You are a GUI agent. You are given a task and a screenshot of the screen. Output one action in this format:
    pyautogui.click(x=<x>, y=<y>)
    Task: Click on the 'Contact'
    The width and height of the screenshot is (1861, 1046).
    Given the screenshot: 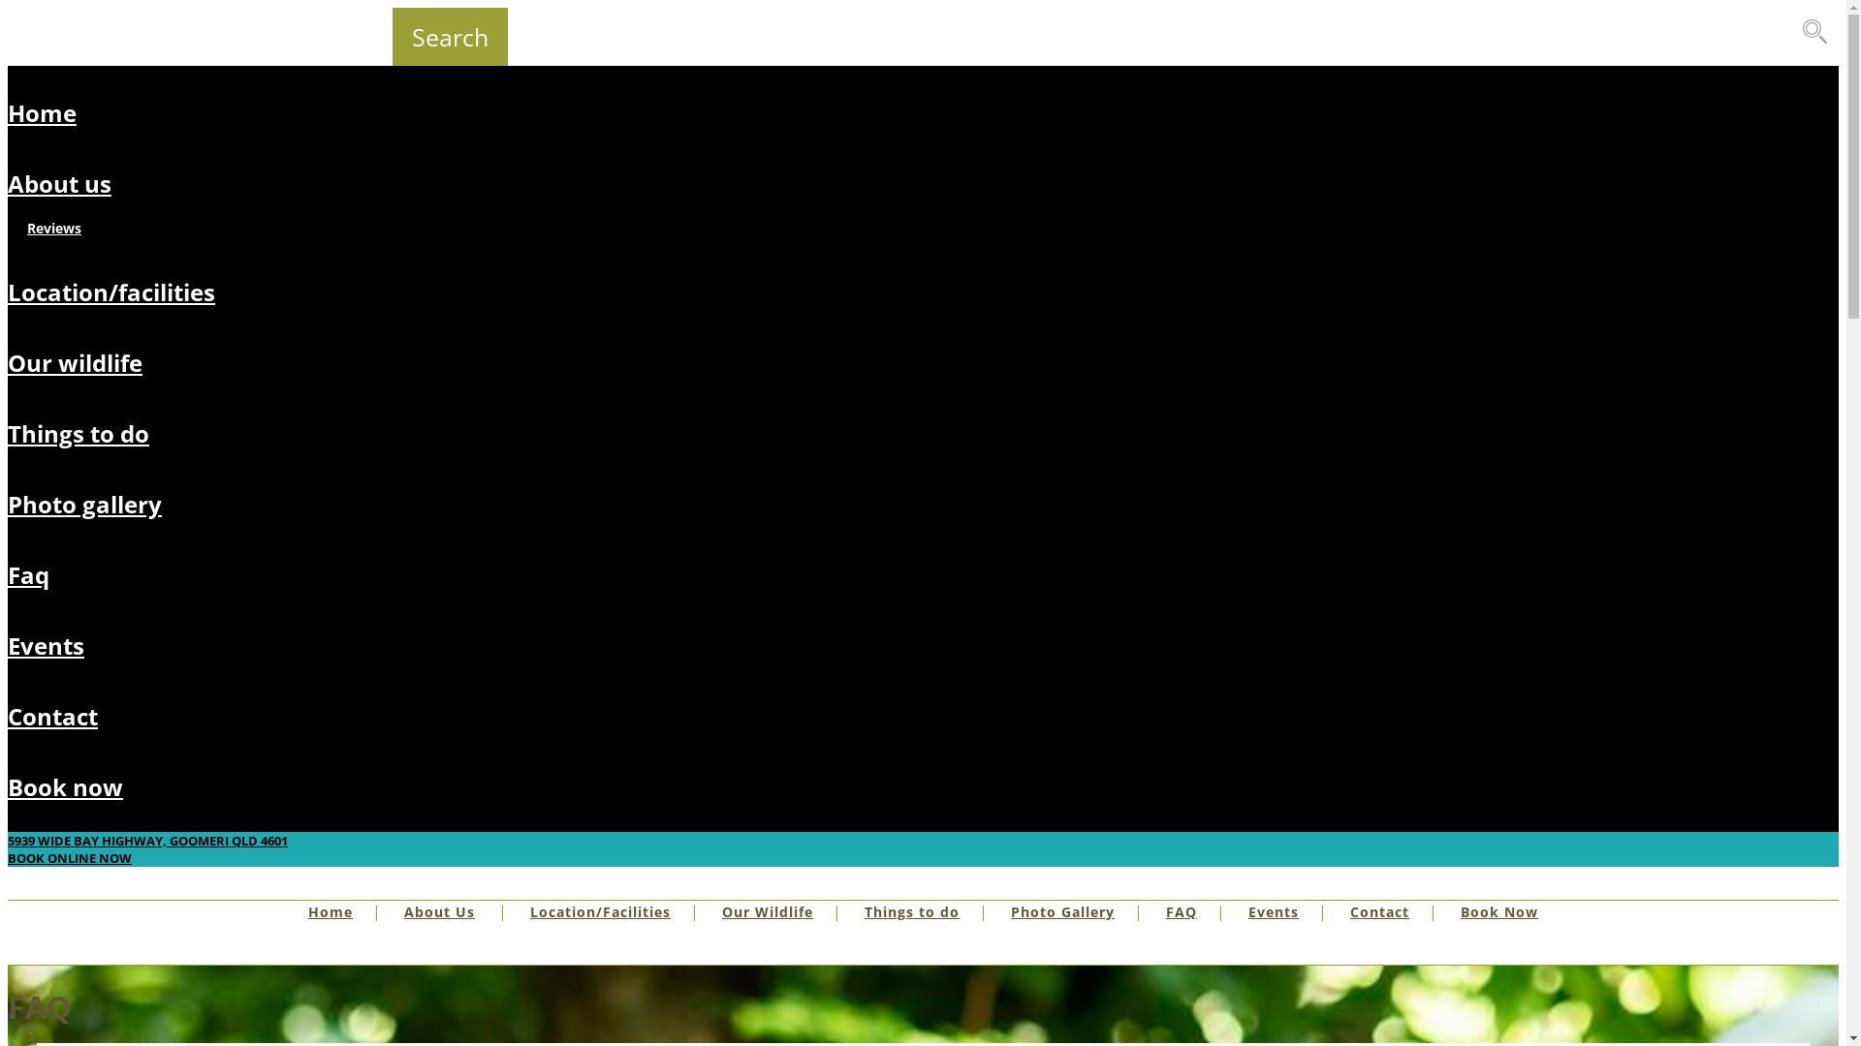 What is the action you would take?
    pyautogui.click(x=1378, y=911)
    